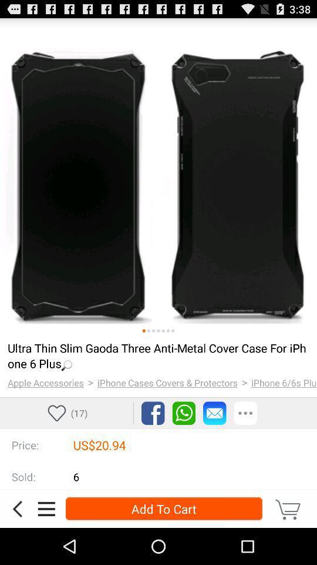 The image size is (317, 565). Describe the element at coordinates (45, 382) in the screenshot. I see `app next to the >` at that location.